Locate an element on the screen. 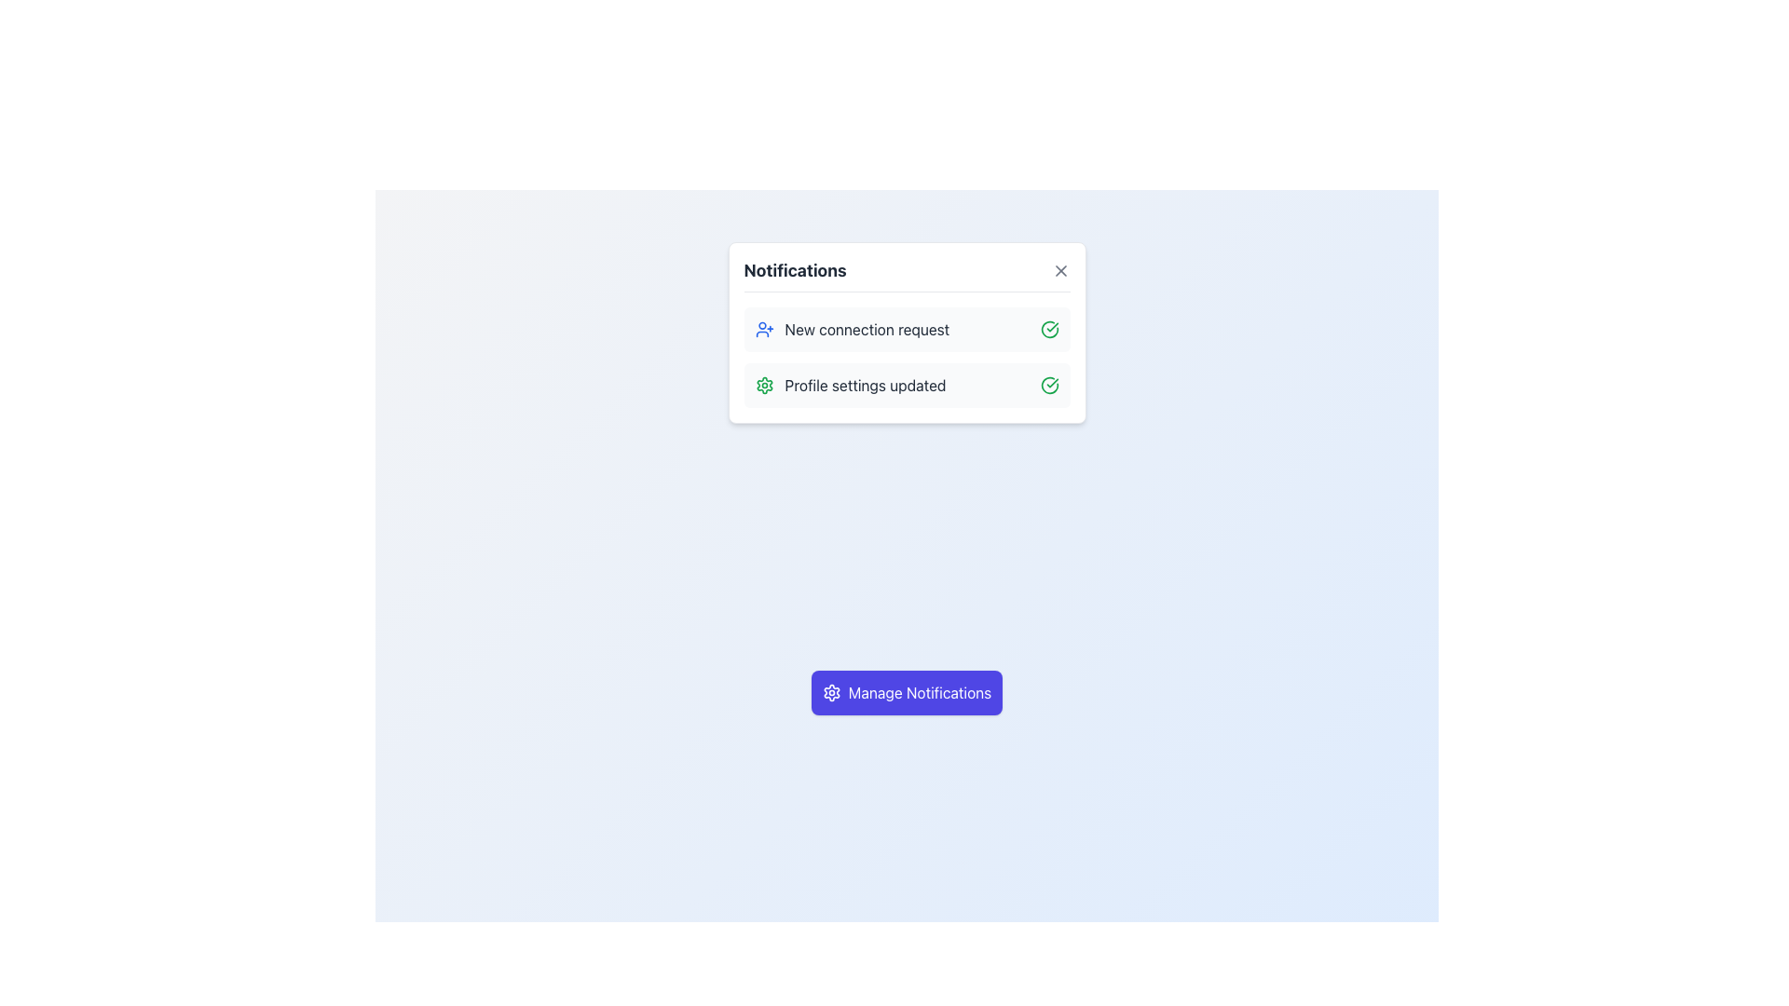 The height and width of the screenshot is (1006, 1789). the static text label displaying 'Profile settings updated', which is centrally aligned beneath the 'New connection request' notification and flanked by green icons is located at coordinates (864, 384).